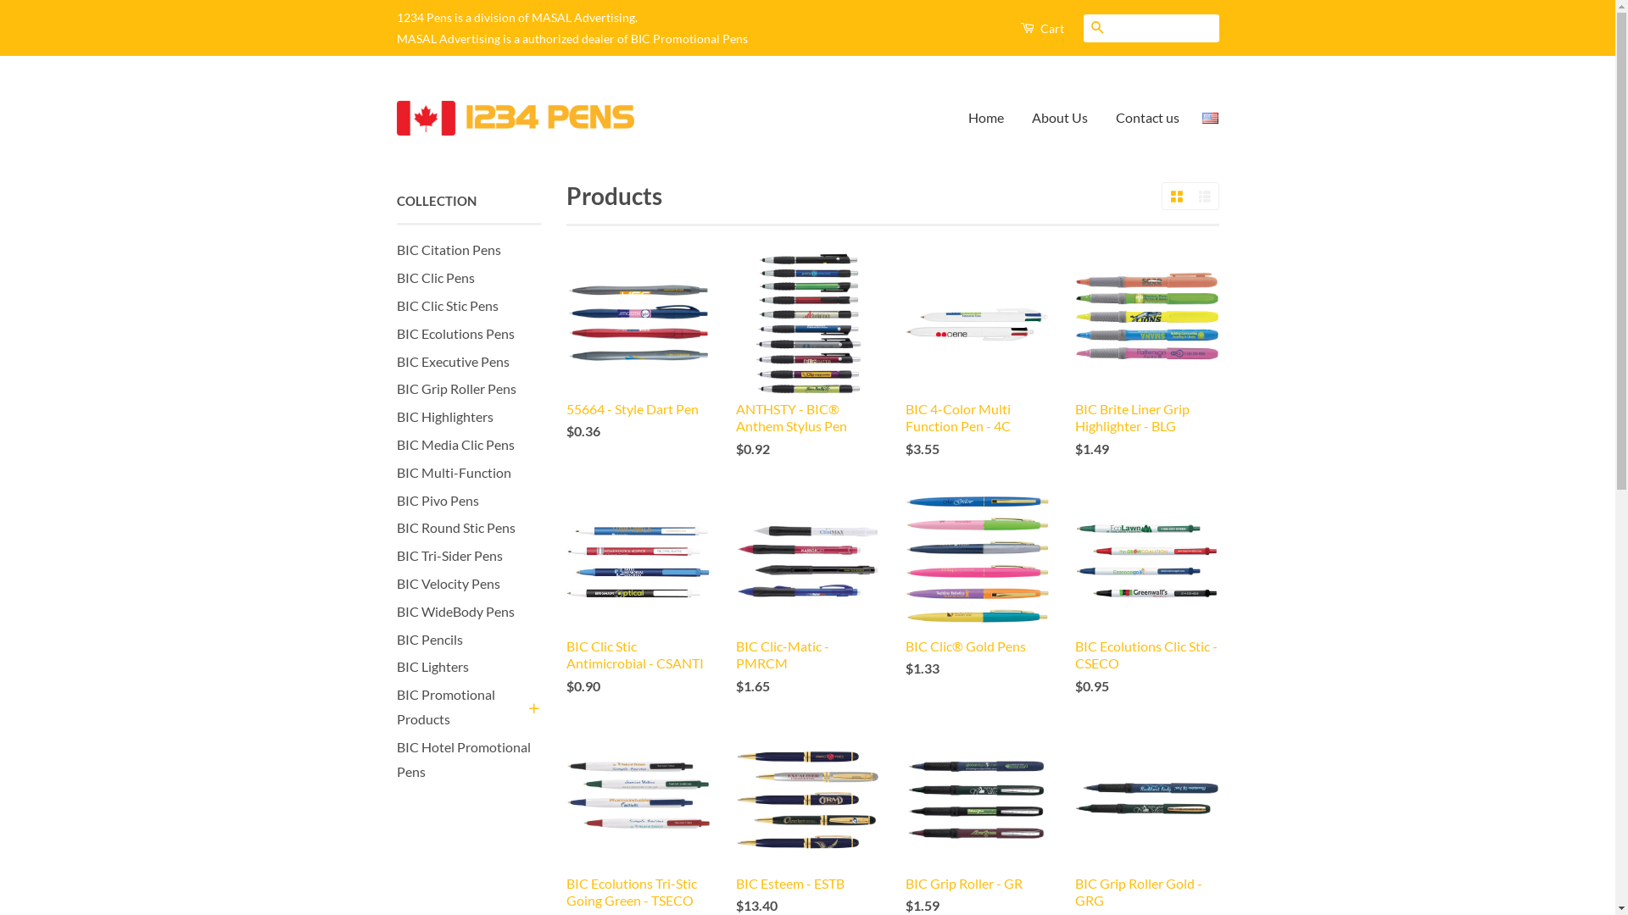 Image resolution: width=1628 pixels, height=915 pixels. Describe the element at coordinates (977, 369) in the screenshot. I see `'BIC 4-Color Multi Function Pen - 4C` at that location.